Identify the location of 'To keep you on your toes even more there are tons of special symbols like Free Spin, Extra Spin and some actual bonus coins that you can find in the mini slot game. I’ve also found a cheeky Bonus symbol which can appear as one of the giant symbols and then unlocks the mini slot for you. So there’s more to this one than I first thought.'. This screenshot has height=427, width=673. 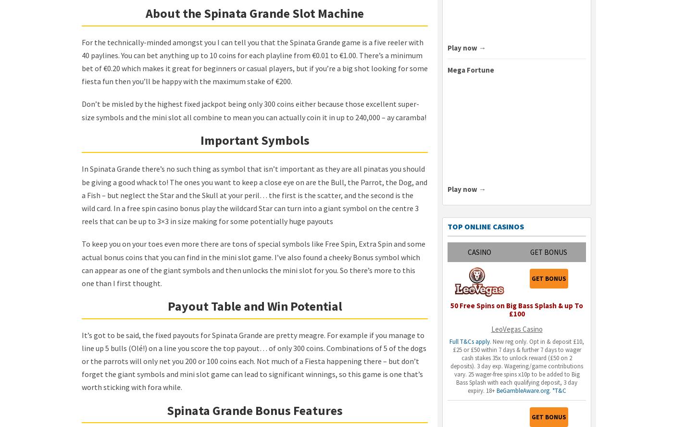
(253, 263).